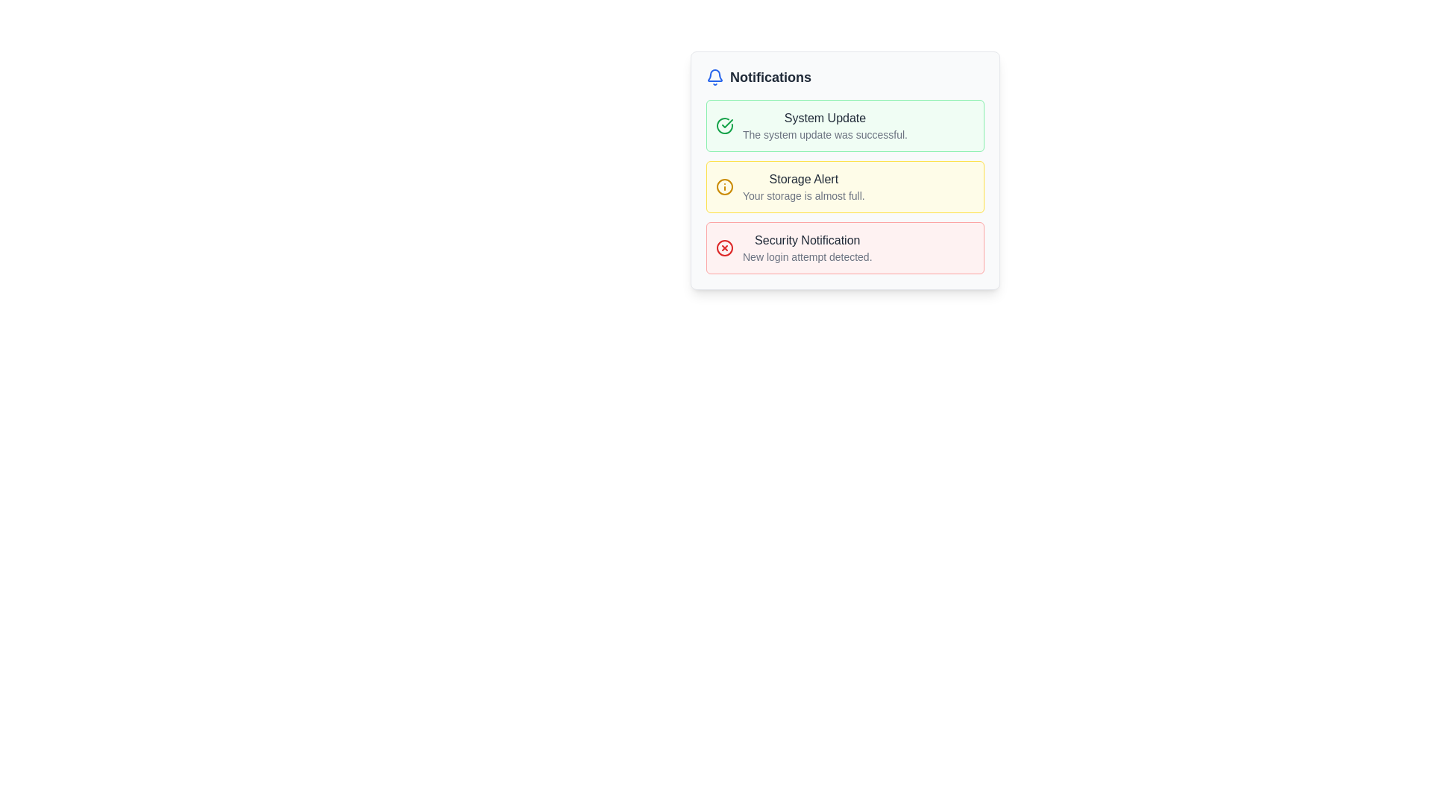 The width and height of the screenshot is (1432, 805). What do you see at coordinates (803, 186) in the screenshot?
I see `text content of the 'Storage Alert' notification, which is the second notification in the list, featuring a bold title and a description within a rounded light yellow box` at bounding box center [803, 186].